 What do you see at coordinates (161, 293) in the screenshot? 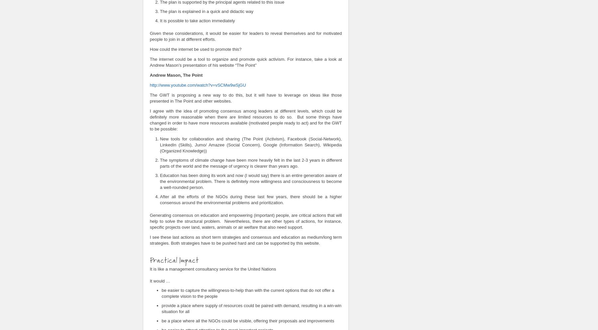
I see `'be easier to capture the willingness-to-help than with the current options that do not offer a complete vision to the people'` at bounding box center [161, 293].